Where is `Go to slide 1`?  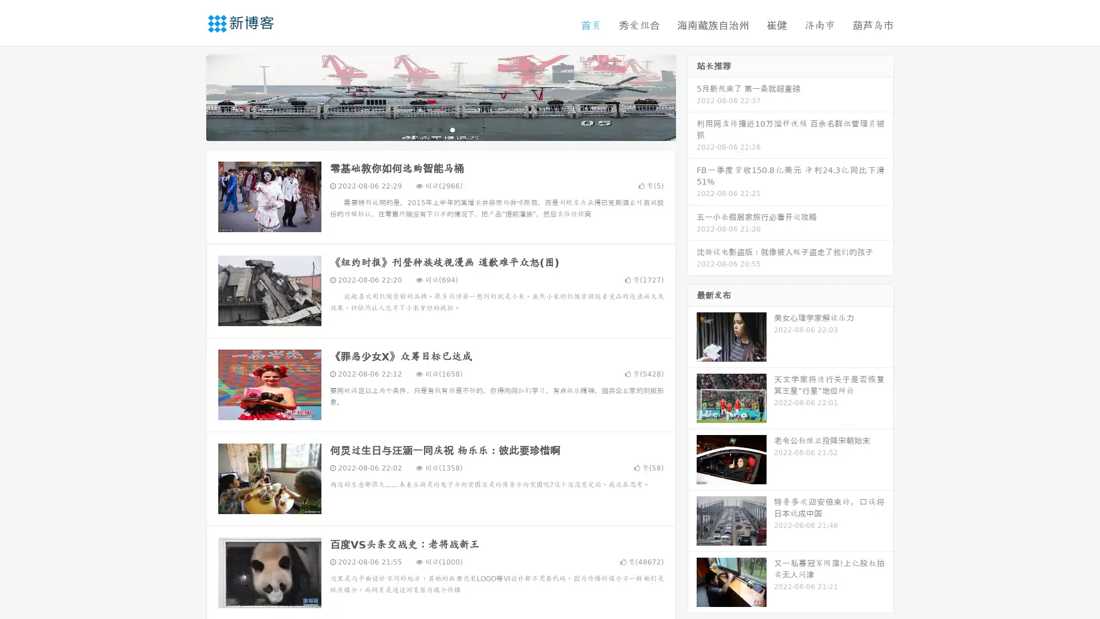
Go to slide 1 is located at coordinates (429, 129).